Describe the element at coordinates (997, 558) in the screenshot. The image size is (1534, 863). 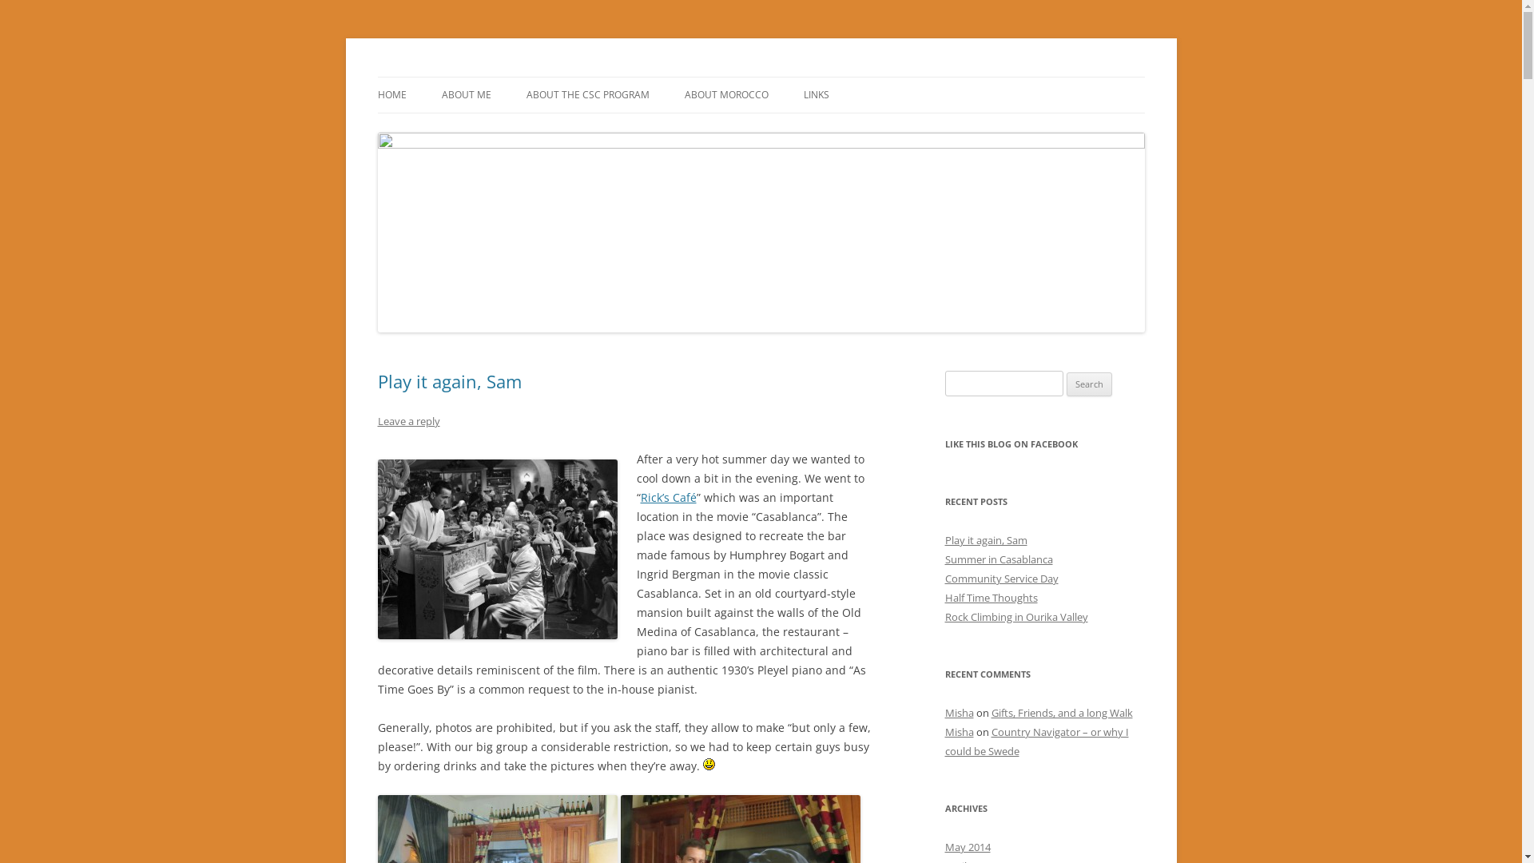
I see `'Summer in Casablanca'` at that location.